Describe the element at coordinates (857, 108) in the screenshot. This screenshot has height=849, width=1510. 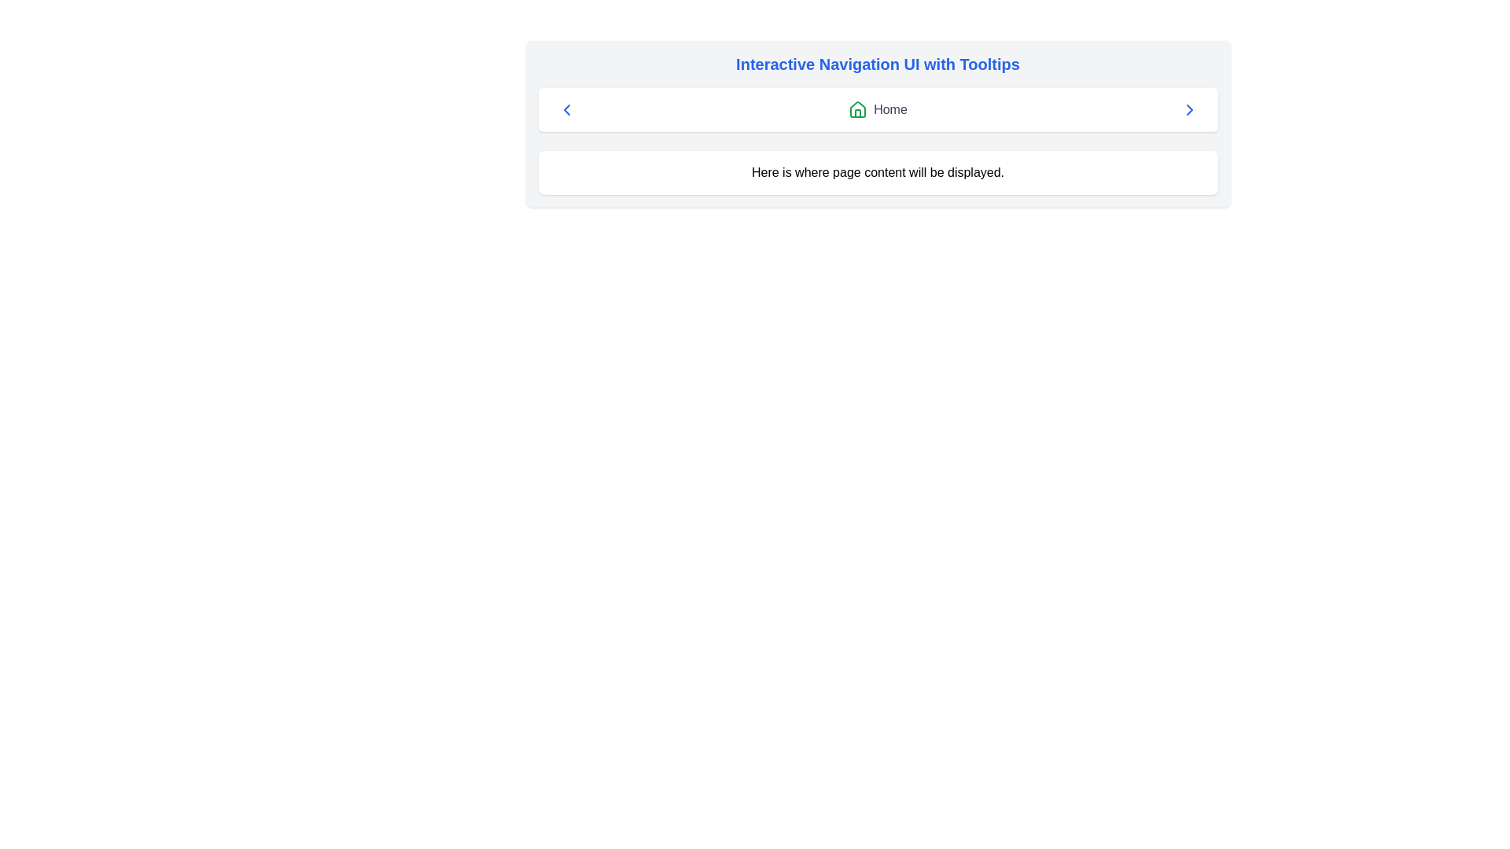
I see `the appearance of the green house icon located on the left side of the 'Home' text in the navigation bar` at that location.